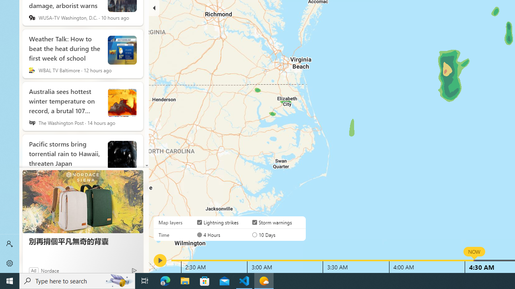 This screenshot has height=289, width=515. Describe the element at coordinates (185, 280) in the screenshot. I see `'File Explorer'` at that location.